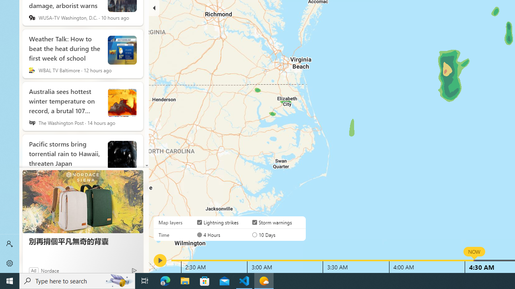 This screenshot has height=289, width=515. Describe the element at coordinates (185, 280) in the screenshot. I see `'File Explorer'` at that location.